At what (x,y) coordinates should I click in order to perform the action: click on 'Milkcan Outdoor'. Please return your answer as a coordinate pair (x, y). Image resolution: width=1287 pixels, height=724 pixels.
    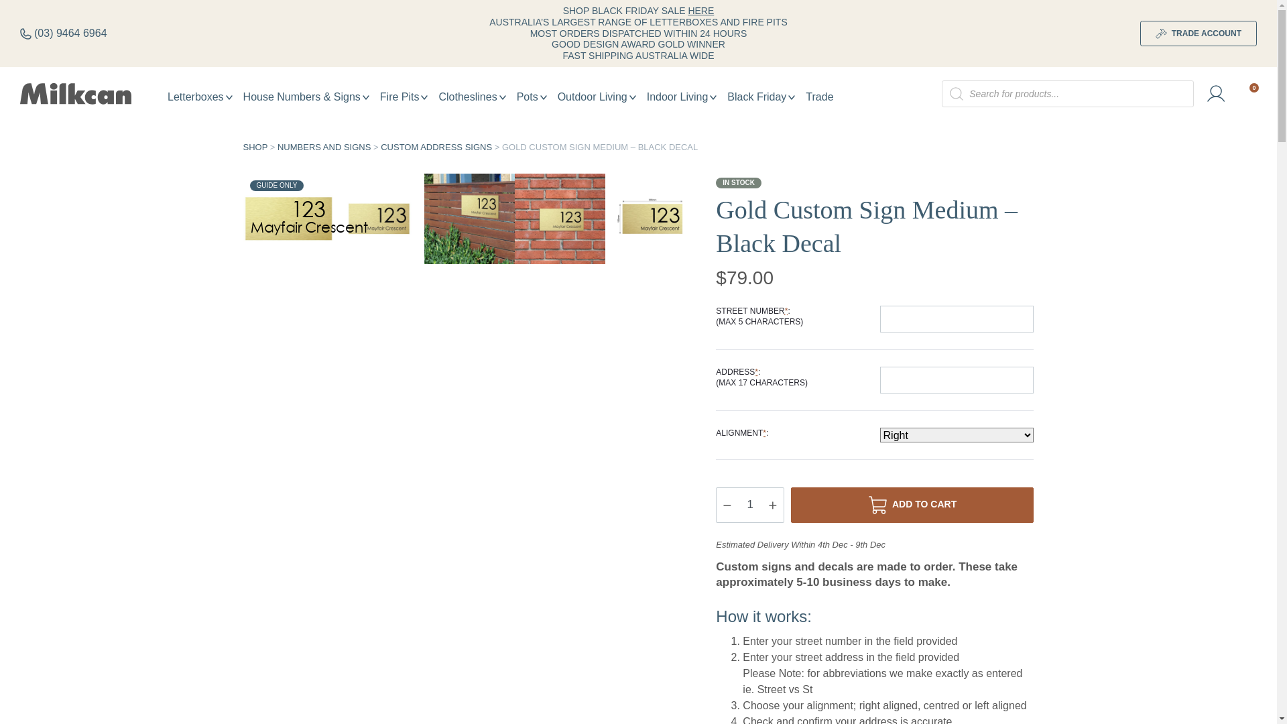
    Looking at the image, I should click on (19, 93).